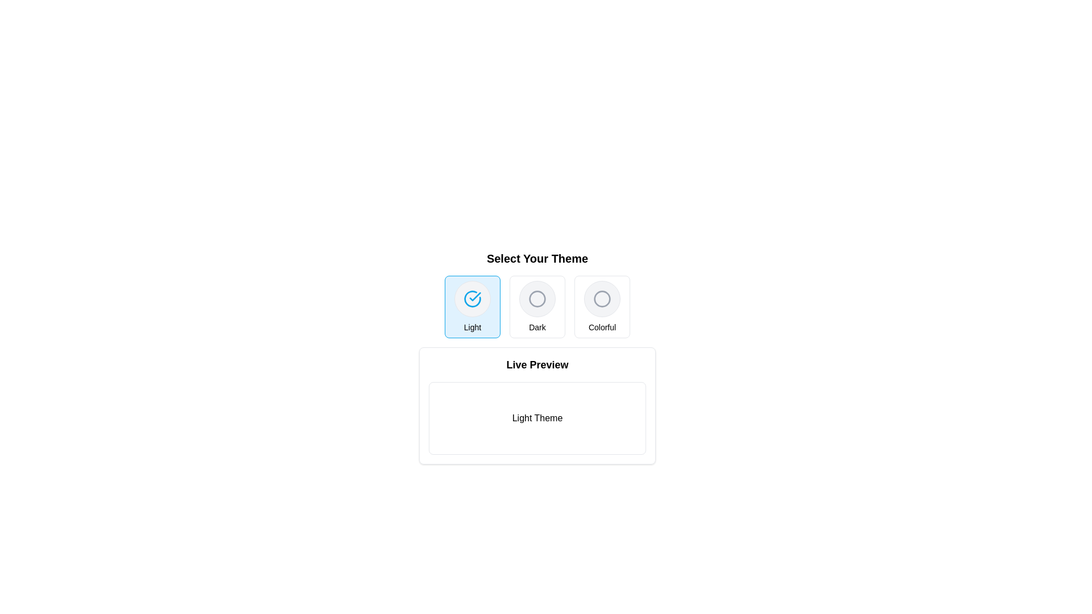 This screenshot has width=1092, height=614. I want to click on the displayed theme name in the 'Live Preview' panel, which is the only element with this label and is positioned directly beneath 'Select Your Theme.', so click(537, 405).